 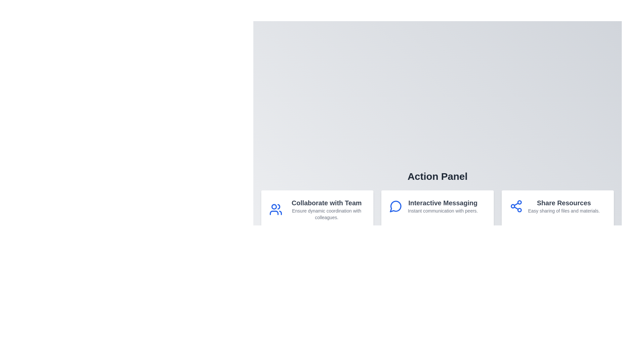 I want to click on the first interactive card in the Action Panel section, so click(x=317, y=209).